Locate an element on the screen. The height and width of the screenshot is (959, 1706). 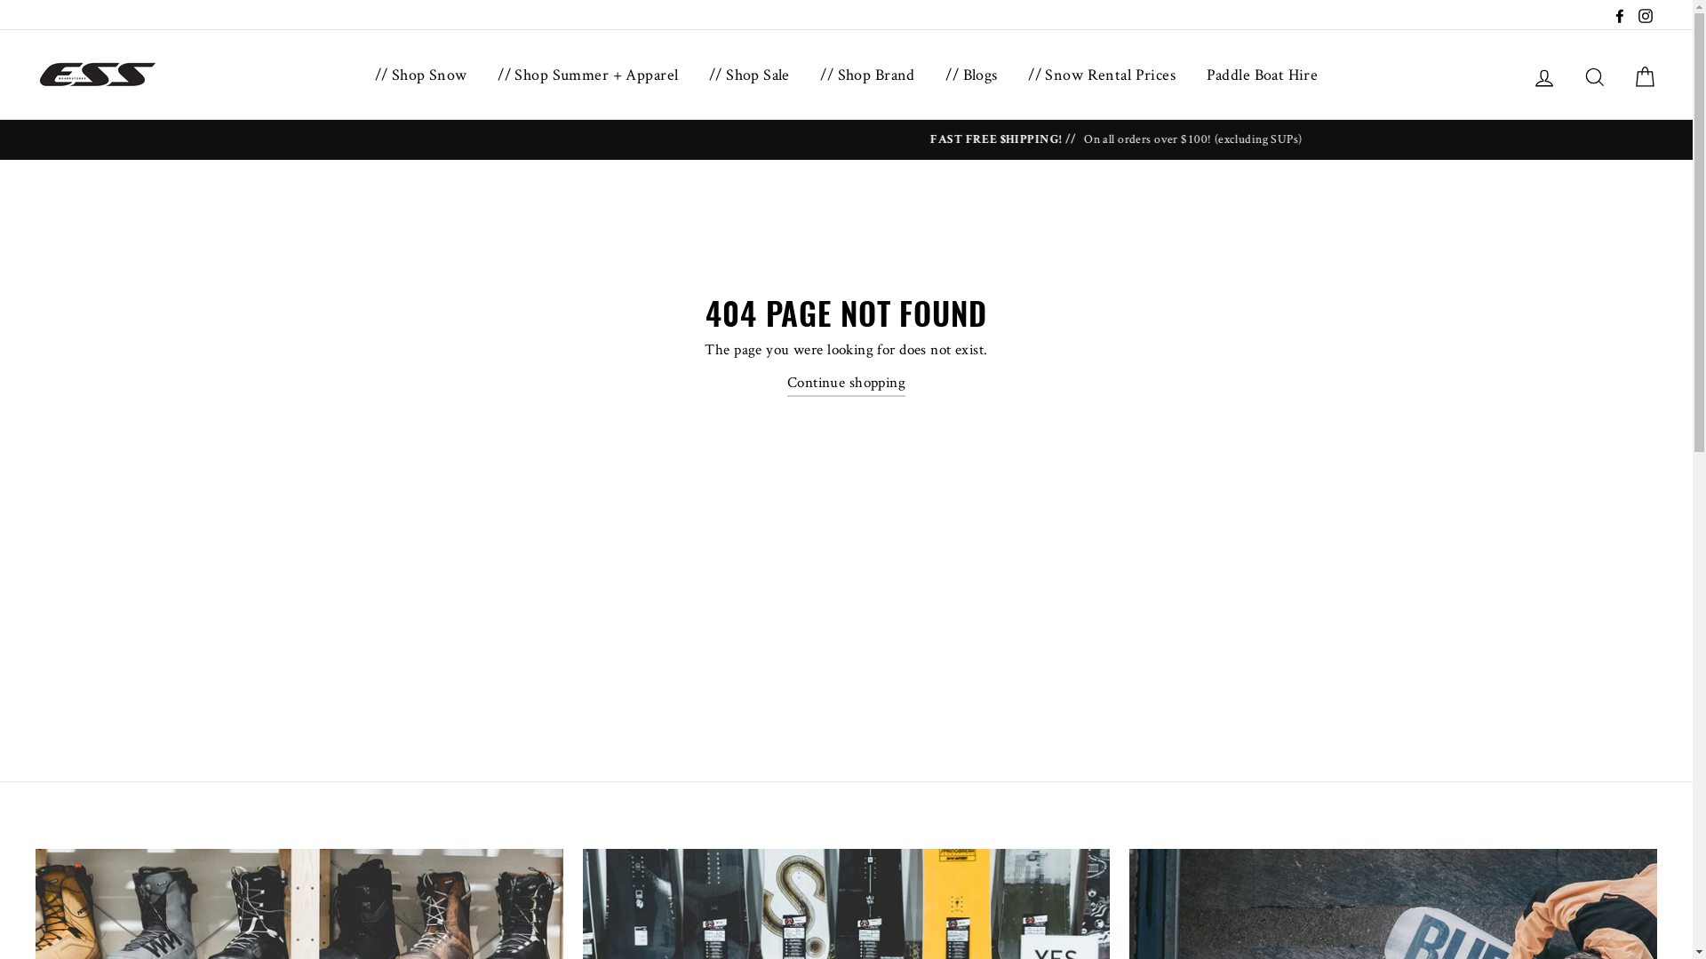
'// Shop Snow' is located at coordinates (420, 74).